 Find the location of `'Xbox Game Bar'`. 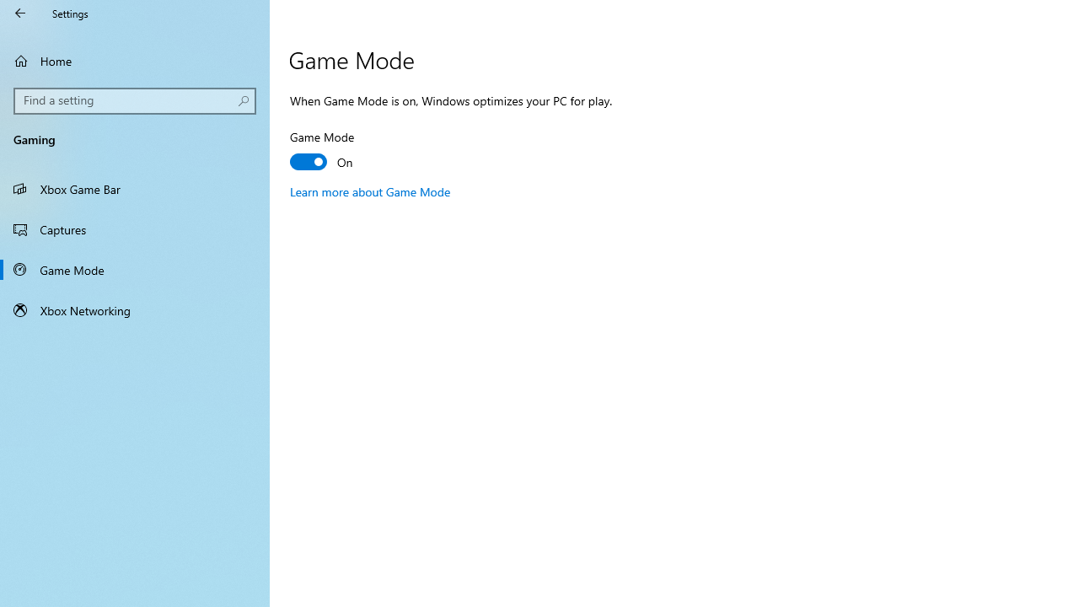

'Xbox Game Bar' is located at coordinates (135, 188).